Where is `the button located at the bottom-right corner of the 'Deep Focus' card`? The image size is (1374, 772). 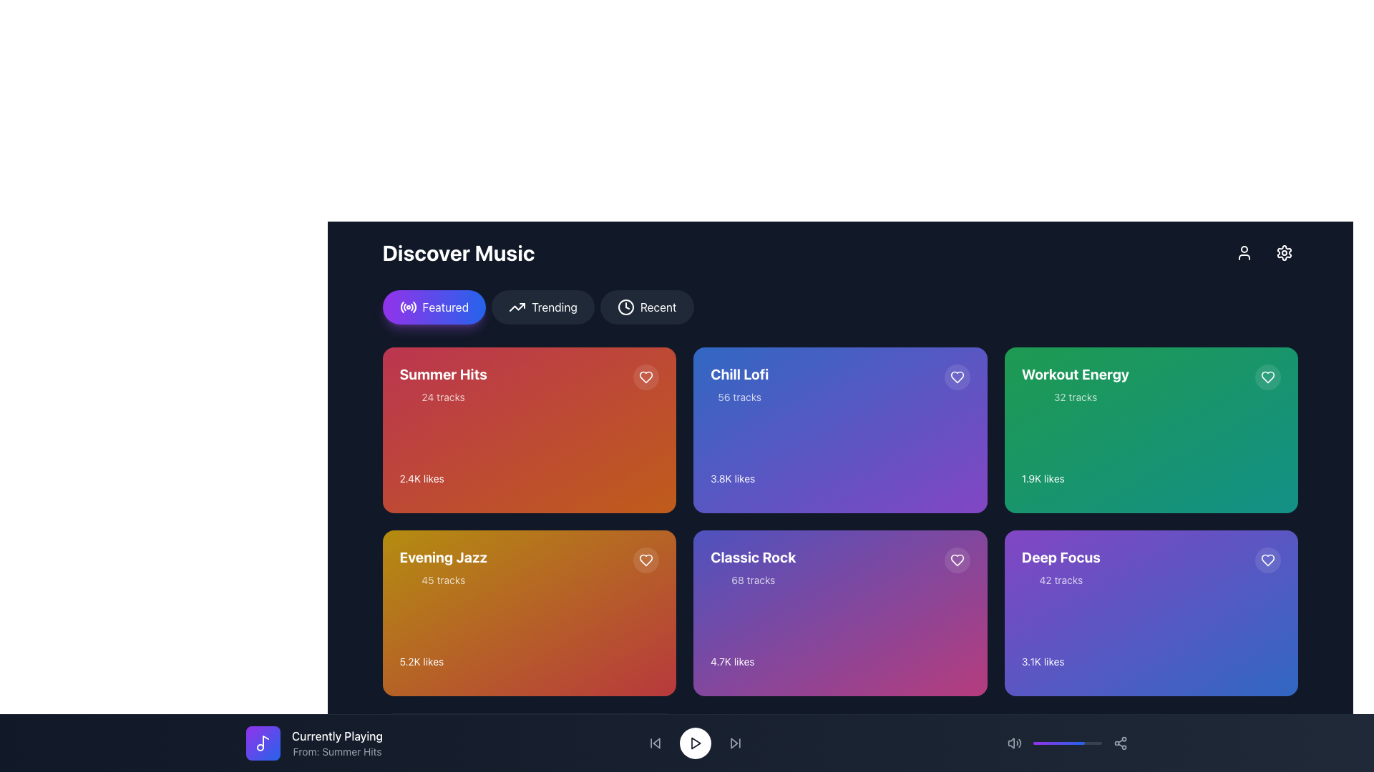
the button located at the bottom-right corner of the 'Deep Focus' card is located at coordinates (1264, 683).